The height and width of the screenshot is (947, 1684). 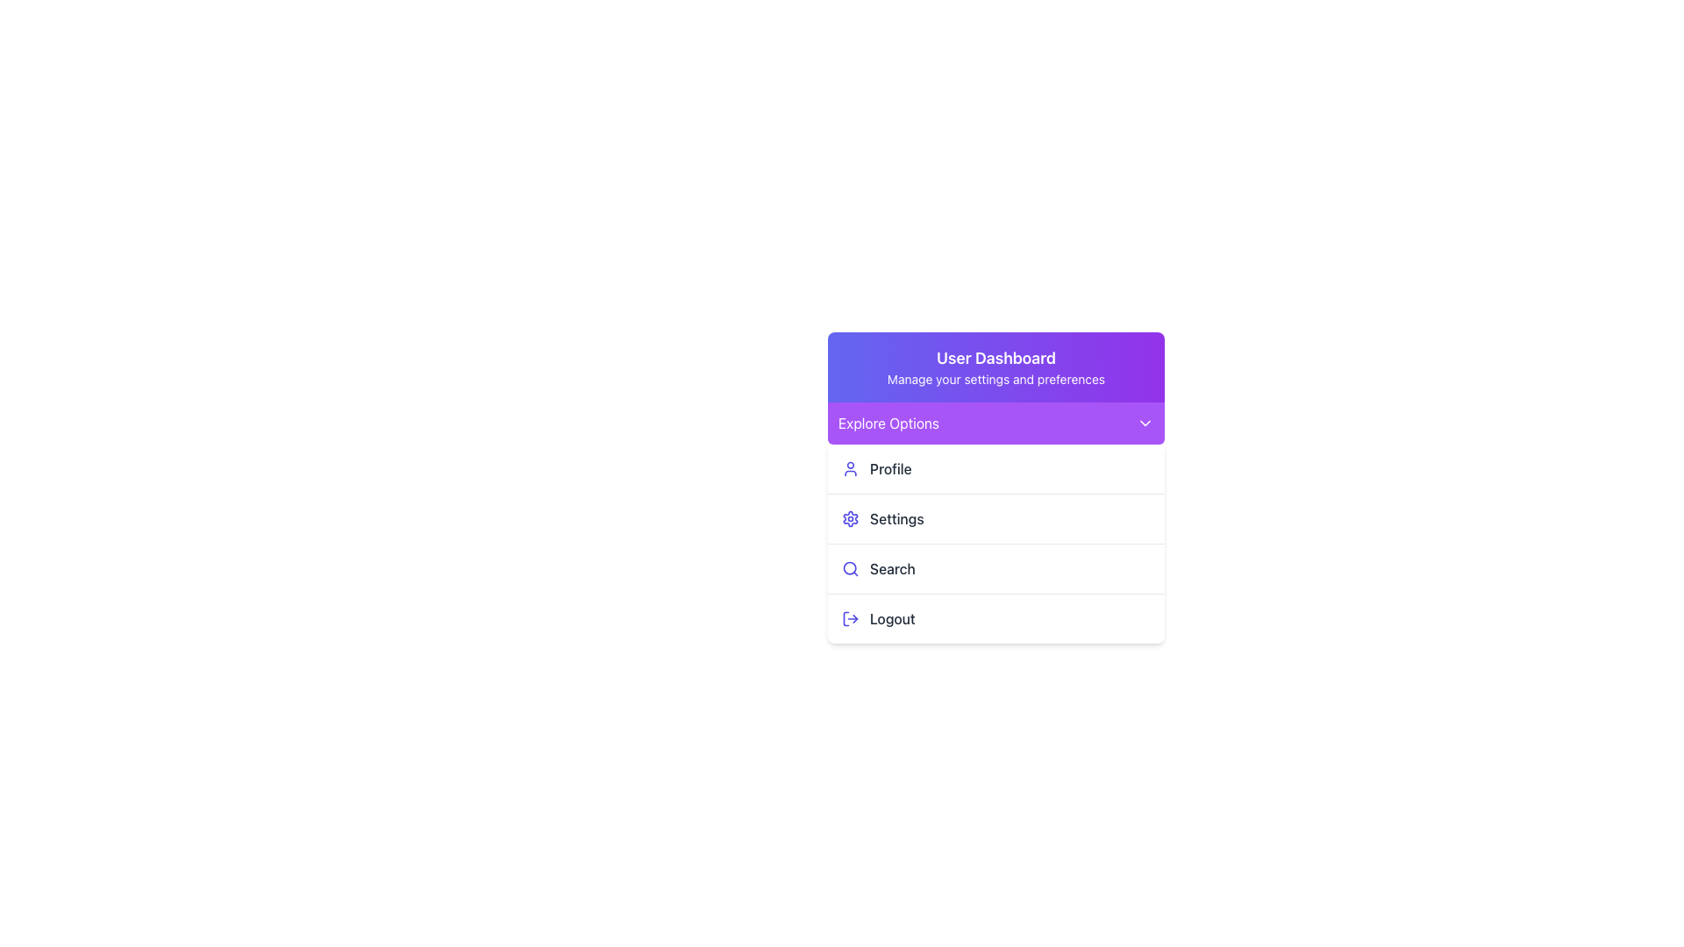 I want to click on the Settings menu icon located to the left of the 'Settings' text label in the 'Explore Options' dropdown menu, so click(x=850, y=517).